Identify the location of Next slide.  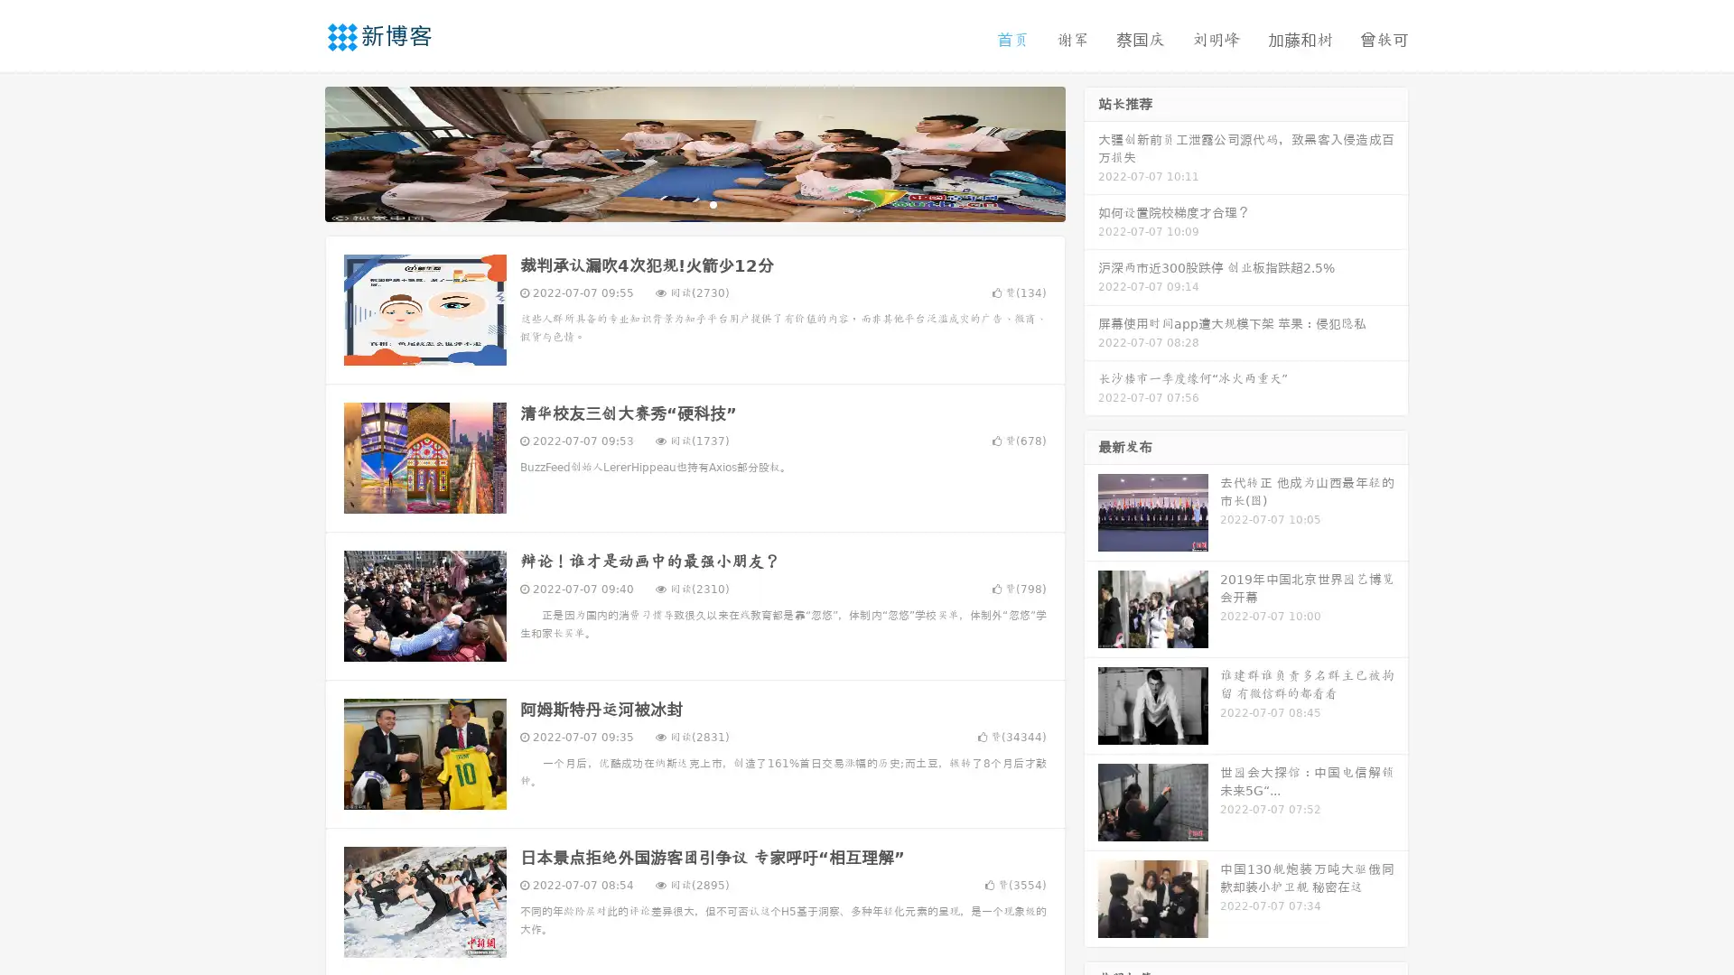
(1091, 152).